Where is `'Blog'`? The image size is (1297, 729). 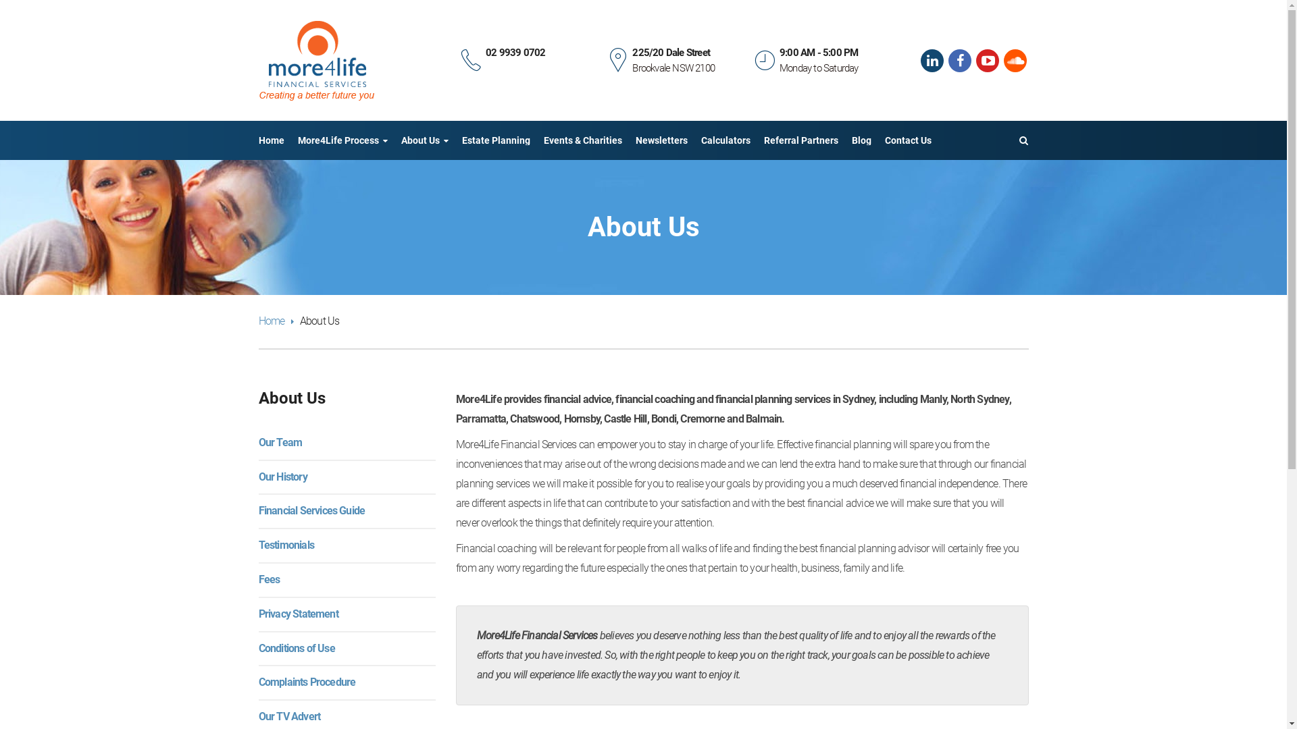 'Blog' is located at coordinates (860, 140).